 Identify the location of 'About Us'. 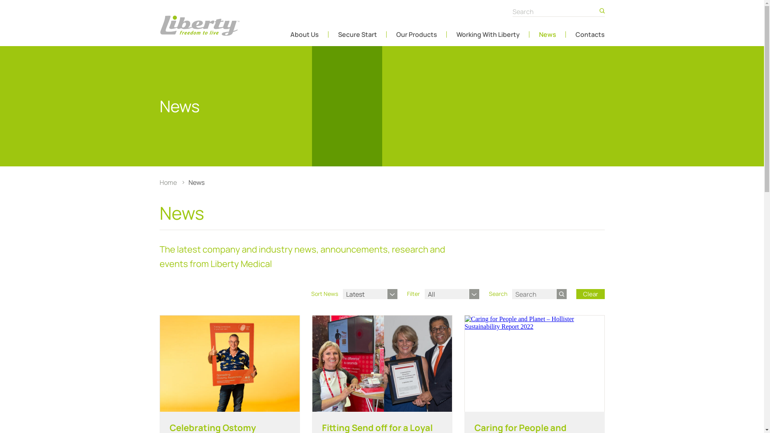
(304, 34).